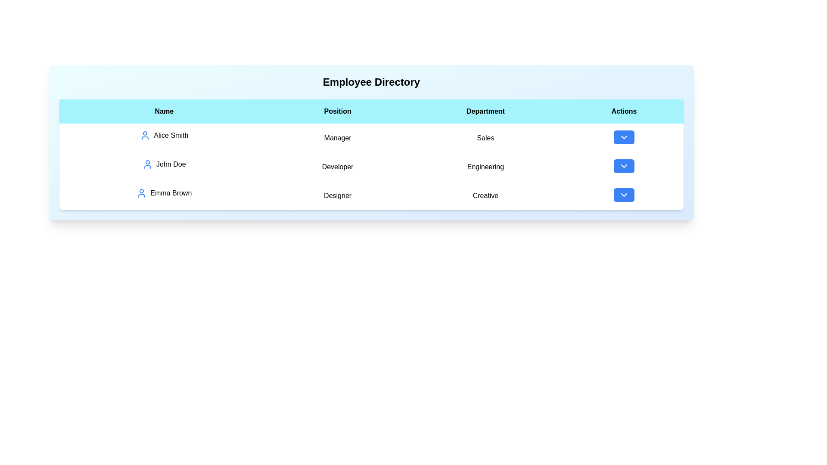 The height and width of the screenshot is (465, 827). Describe the element at coordinates (485, 195) in the screenshot. I see `the text label displaying 'Creative' which is located in the third row of the table under the 'Department' column, positioned between 'Designer' and 'Actions'` at that location.